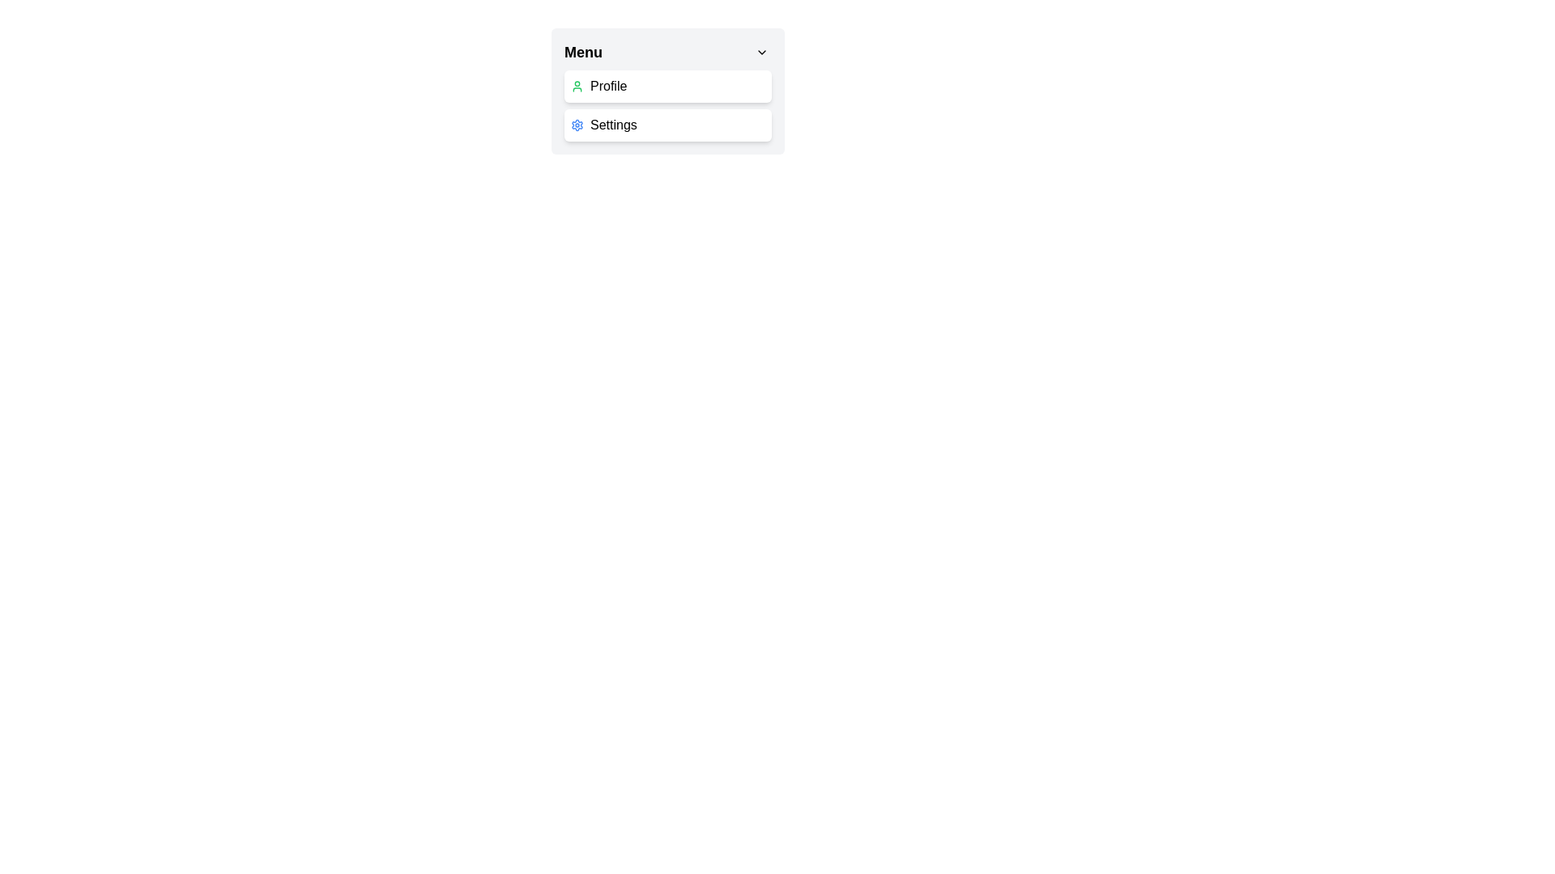 The width and height of the screenshot is (1555, 874). What do you see at coordinates (577, 124) in the screenshot?
I see `the cogwheel/settings icon located in the dropdown menu under the 'Settings' option` at bounding box center [577, 124].